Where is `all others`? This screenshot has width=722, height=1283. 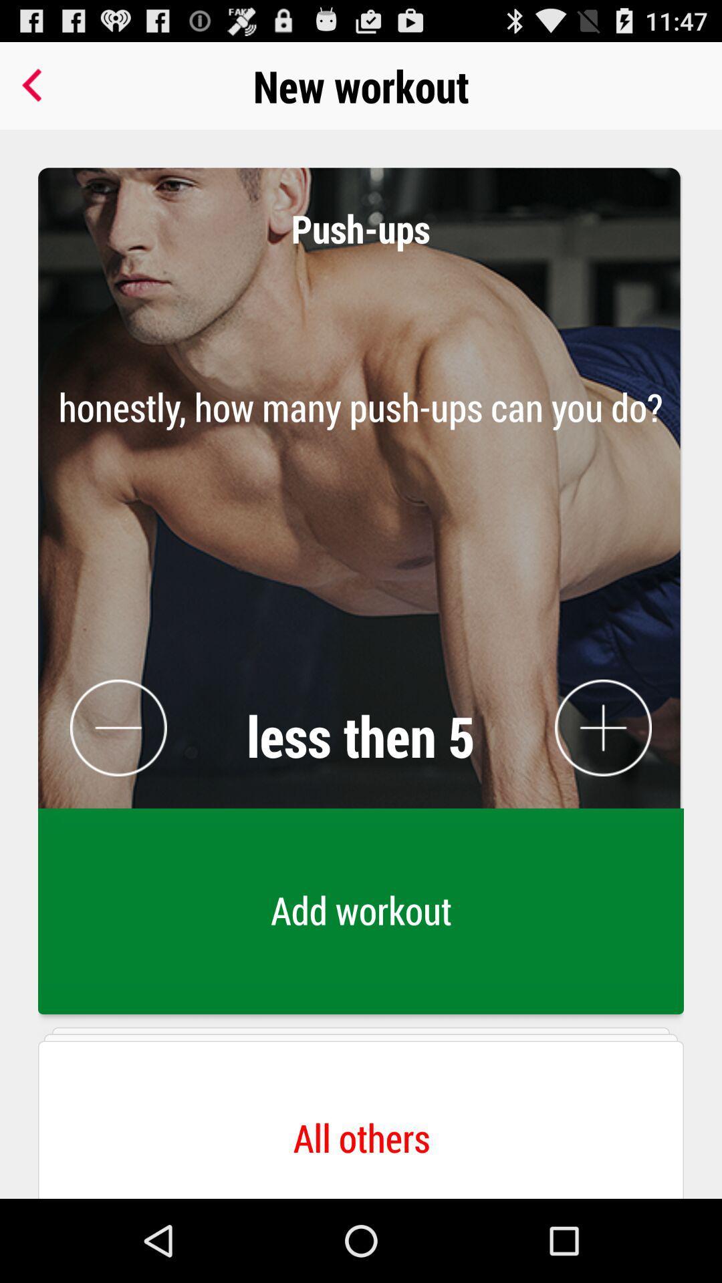
all others is located at coordinates (361, 1110).